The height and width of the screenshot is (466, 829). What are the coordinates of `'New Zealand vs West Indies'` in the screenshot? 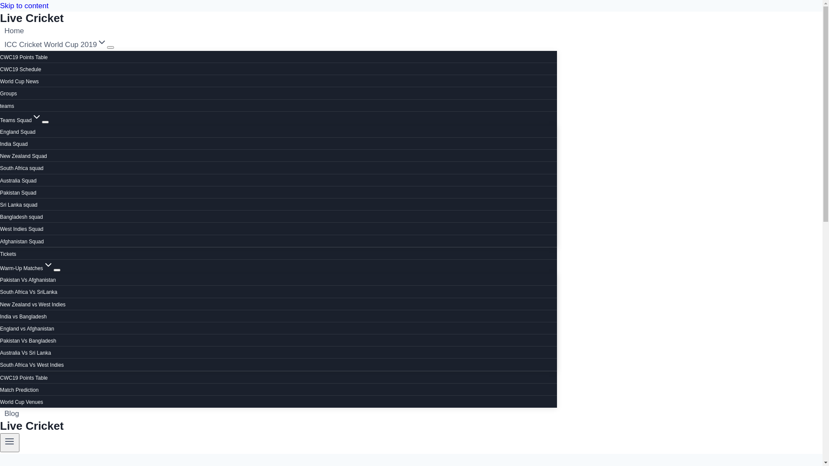 It's located at (0, 304).